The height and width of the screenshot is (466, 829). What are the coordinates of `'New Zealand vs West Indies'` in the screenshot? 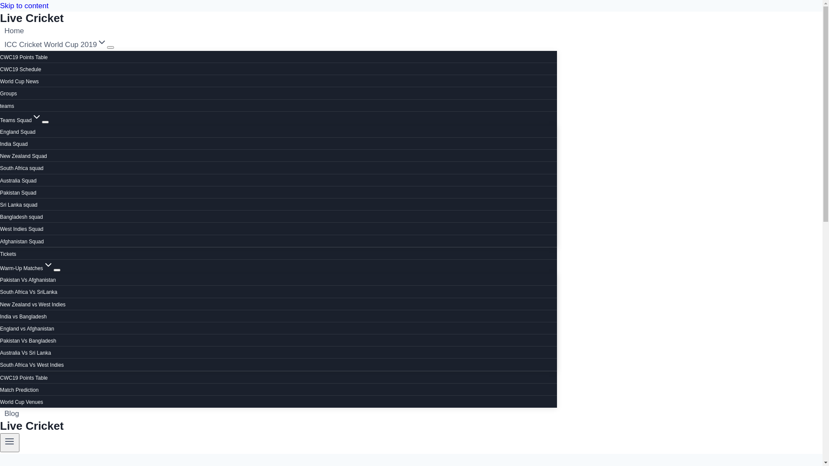 It's located at (0, 304).